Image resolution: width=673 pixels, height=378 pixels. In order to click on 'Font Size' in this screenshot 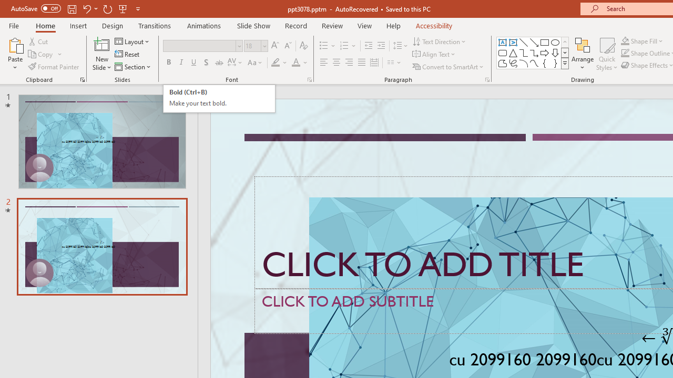, I will do `click(252, 45)`.